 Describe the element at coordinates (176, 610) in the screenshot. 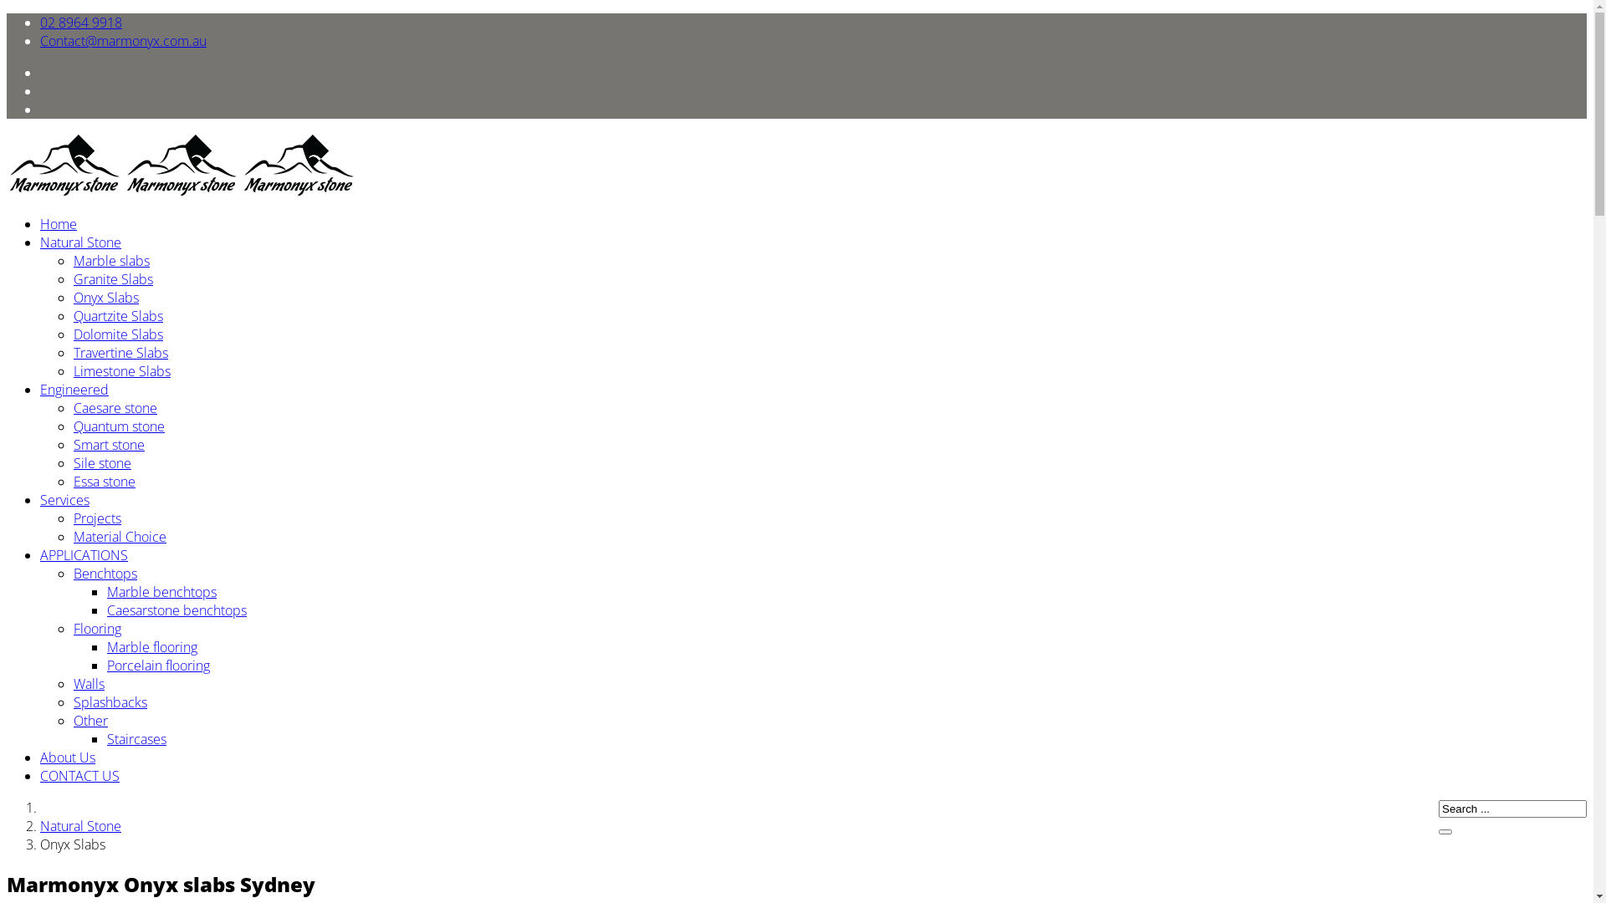

I see `'Caesarstone benchtops'` at that location.